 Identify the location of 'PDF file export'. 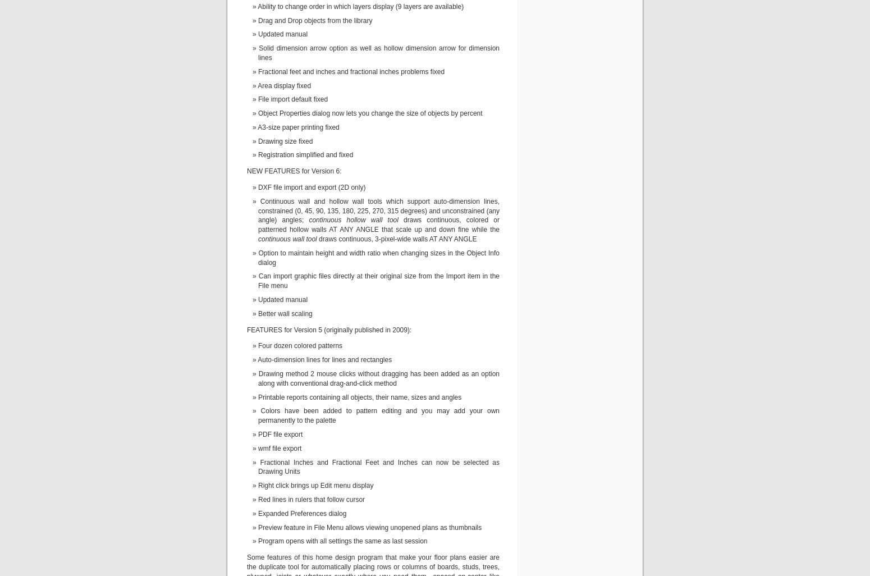
(258, 434).